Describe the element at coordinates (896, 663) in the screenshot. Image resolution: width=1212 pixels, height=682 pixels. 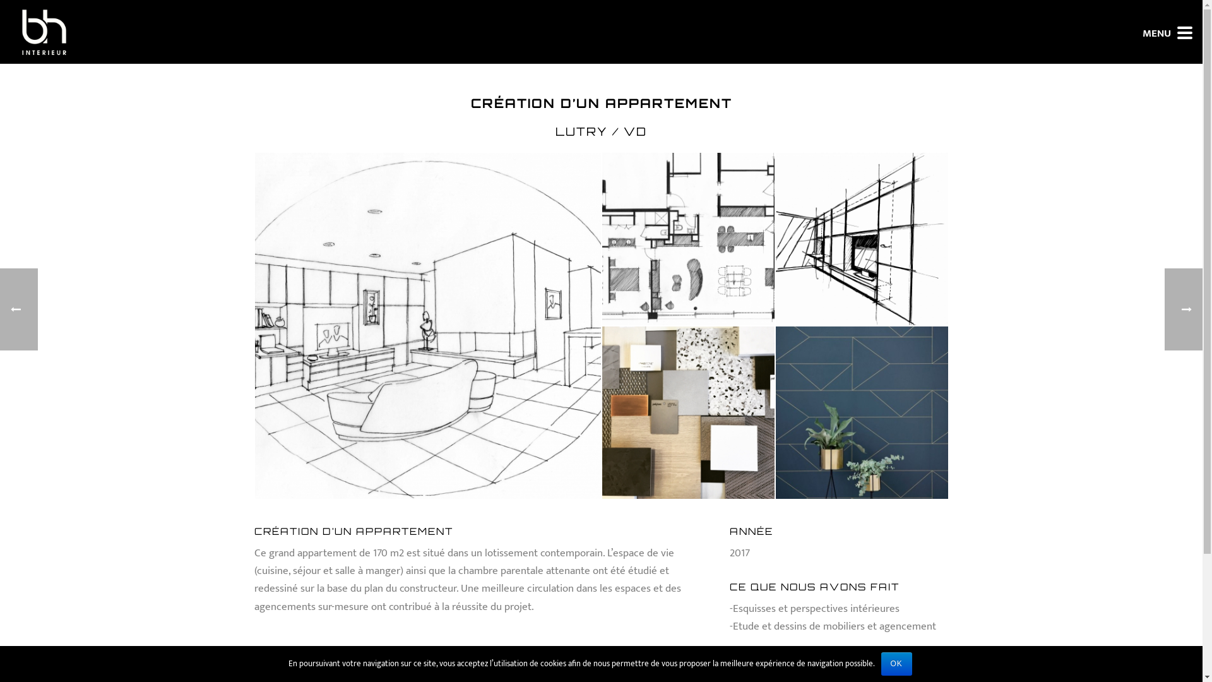
I see `'OK'` at that location.